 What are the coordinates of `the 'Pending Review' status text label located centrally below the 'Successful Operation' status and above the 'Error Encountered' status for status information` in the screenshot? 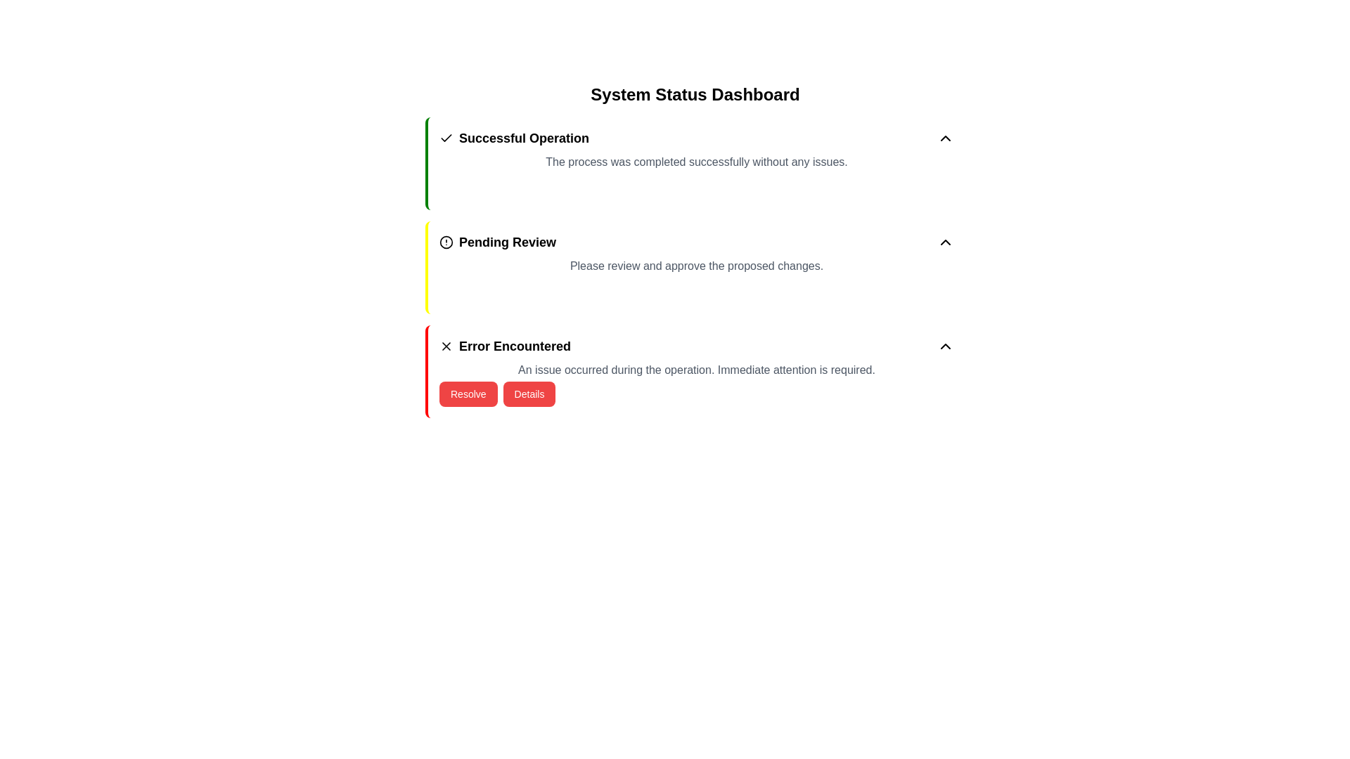 It's located at (507, 241).